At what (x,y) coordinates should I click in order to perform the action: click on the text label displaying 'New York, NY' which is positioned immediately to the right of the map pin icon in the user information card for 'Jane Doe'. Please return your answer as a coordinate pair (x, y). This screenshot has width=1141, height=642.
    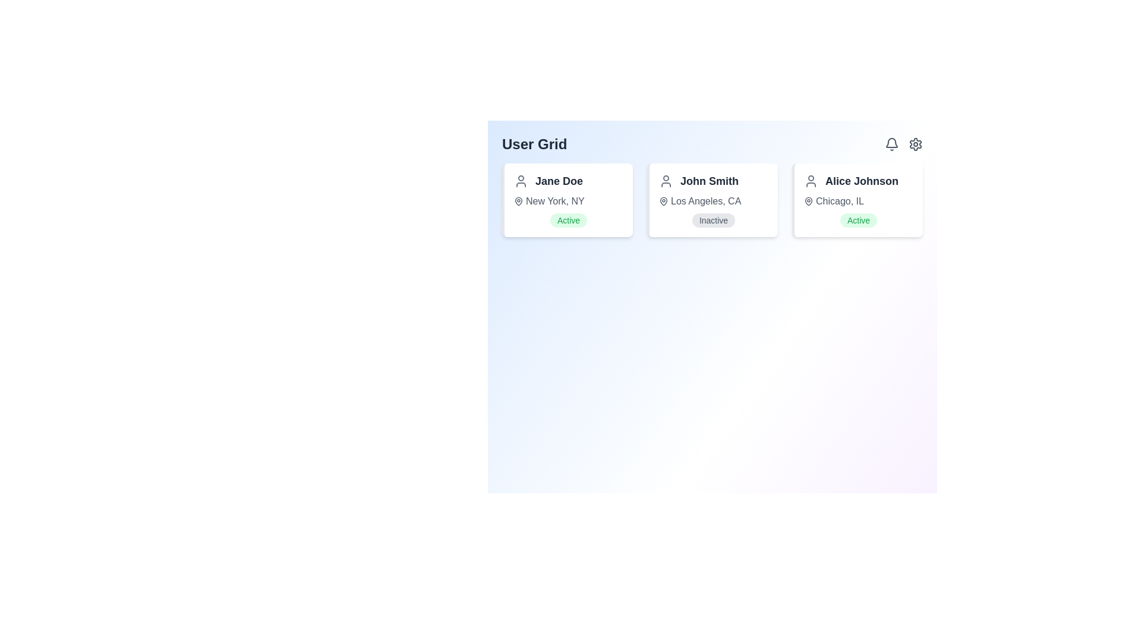
    Looking at the image, I should click on (554, 201).